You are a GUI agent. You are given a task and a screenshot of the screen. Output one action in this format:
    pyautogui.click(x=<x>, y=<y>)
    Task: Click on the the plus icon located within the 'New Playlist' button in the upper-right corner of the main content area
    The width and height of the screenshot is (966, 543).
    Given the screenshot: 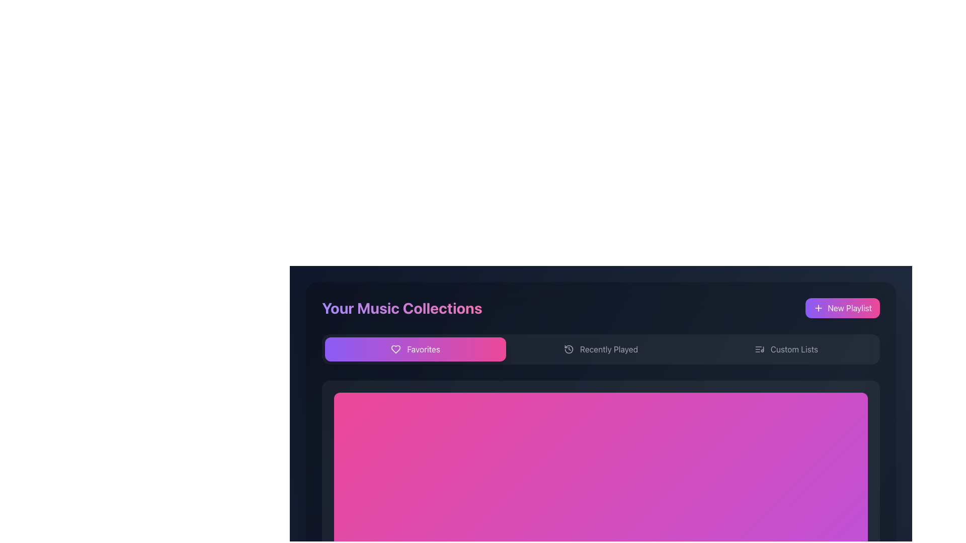 What is the action you would take?
    pyautogui.click(x=819, y=308)
    